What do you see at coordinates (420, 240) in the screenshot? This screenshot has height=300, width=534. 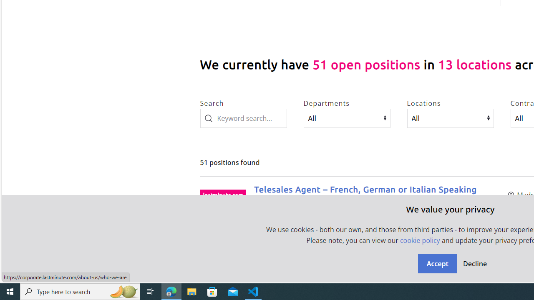 I see `'cookie policy'` at bounding box center [420, 240].